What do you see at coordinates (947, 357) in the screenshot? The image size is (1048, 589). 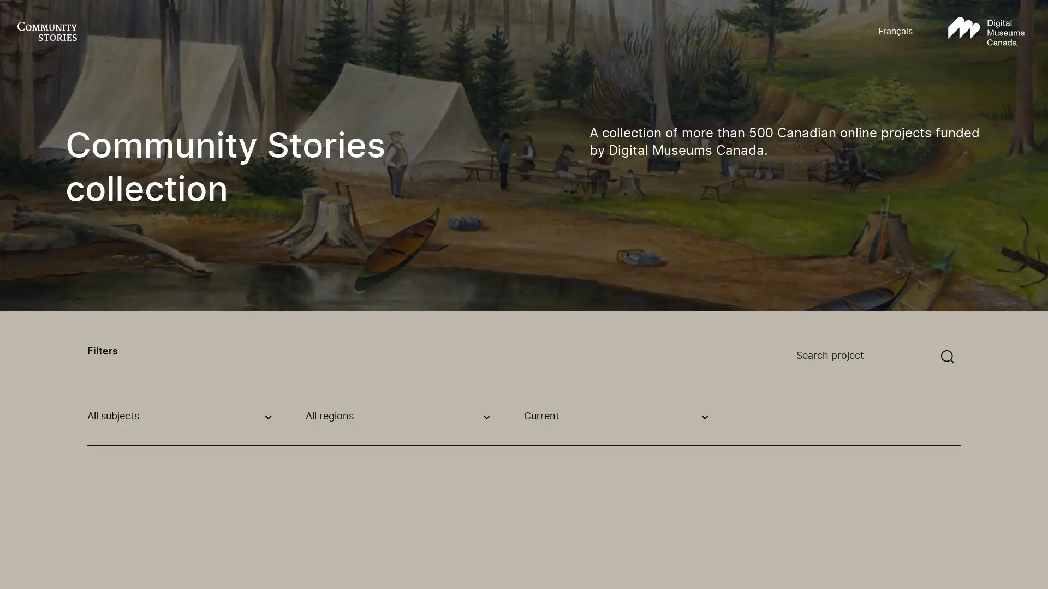 I see `Submit` at bounding box center [947, 357].